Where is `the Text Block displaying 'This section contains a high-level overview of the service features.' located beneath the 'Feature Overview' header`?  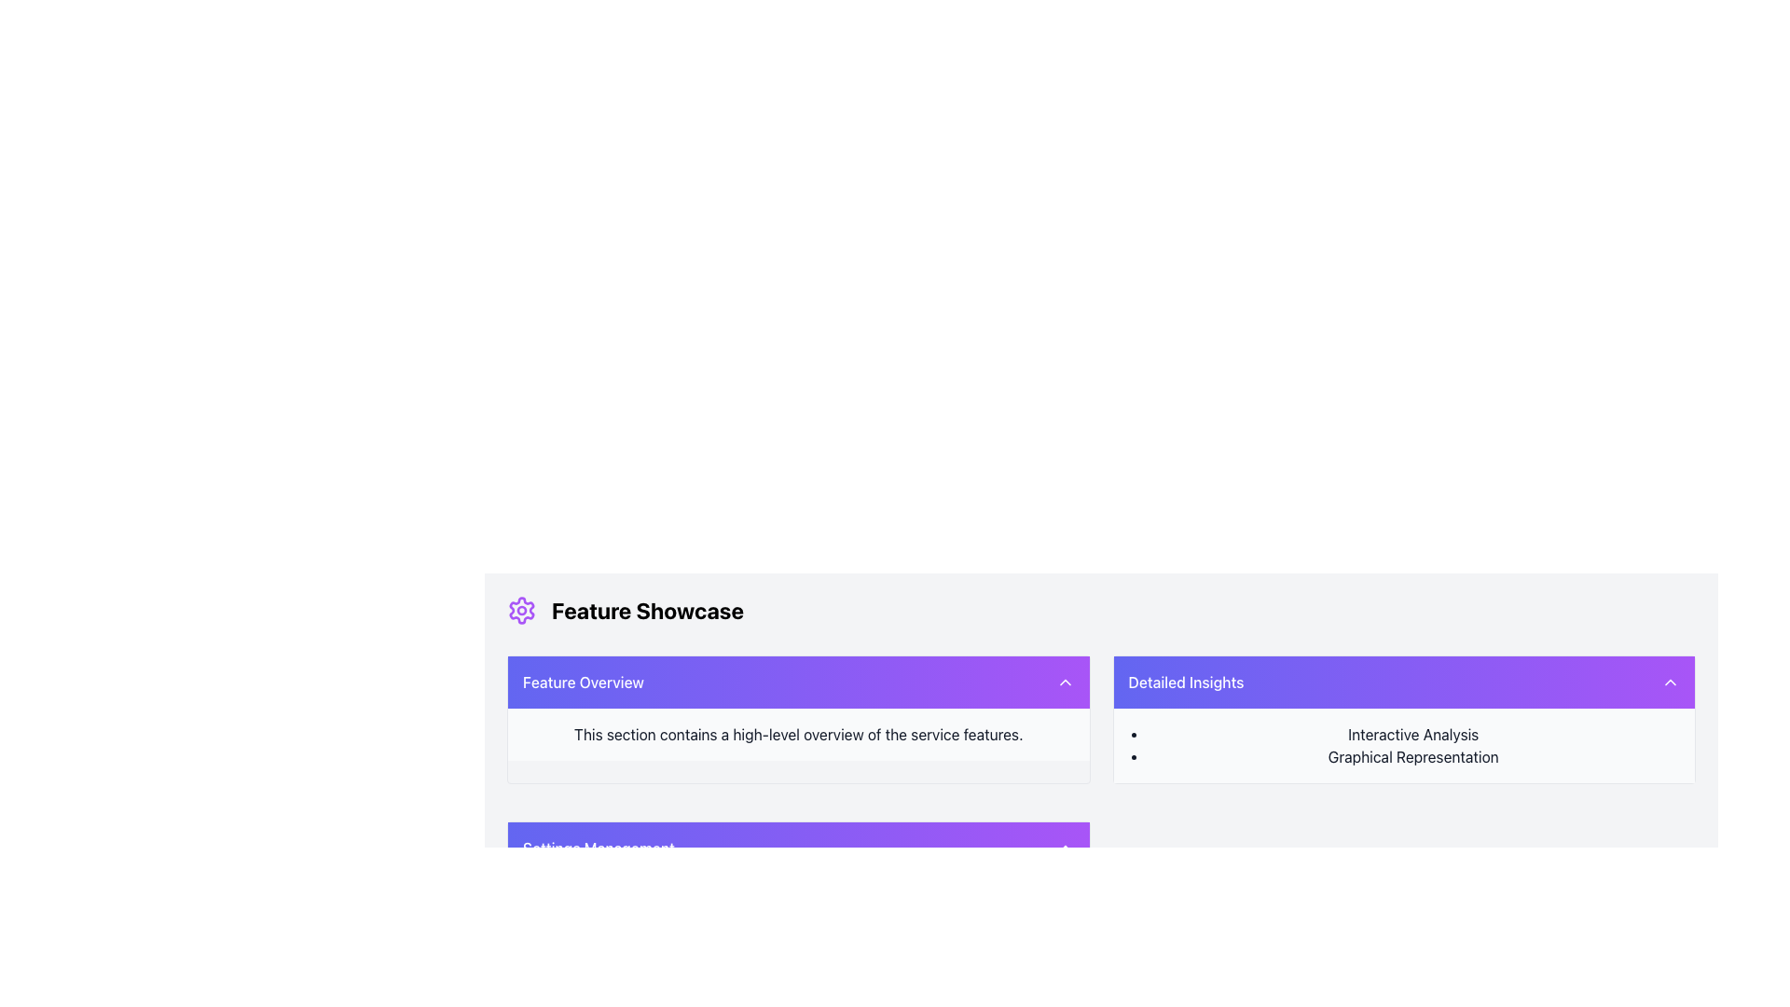
the Text Block displaying 'This section contains a high-level overview of the service features.' located beneath the 'Feature Overview' header is located at coordinates (798, 733).